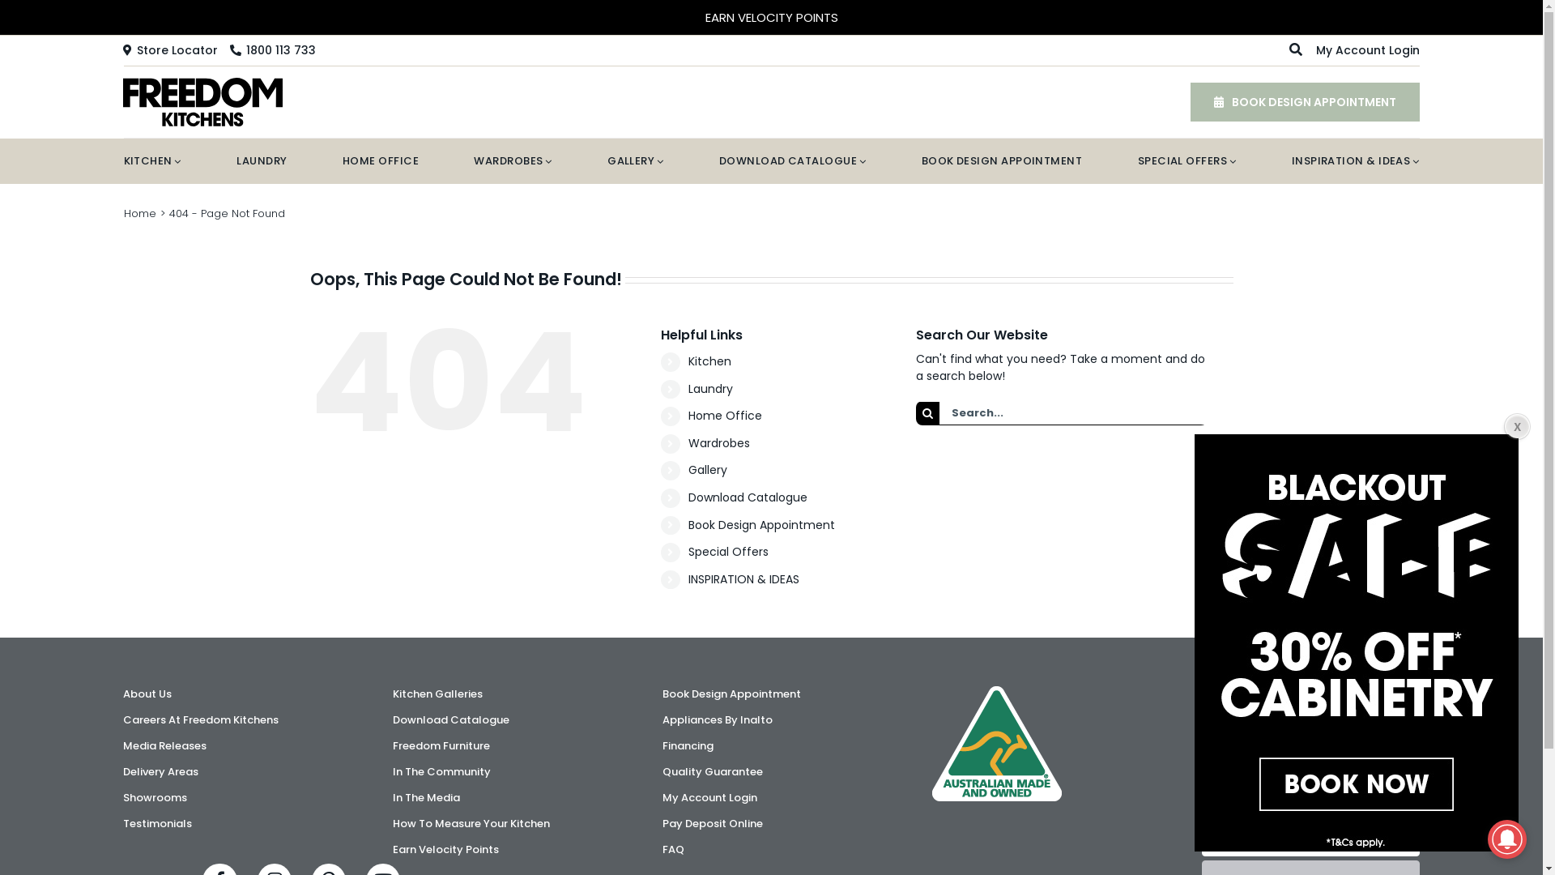  I want to click on 'HOME OFFICE', so click(380, 161).